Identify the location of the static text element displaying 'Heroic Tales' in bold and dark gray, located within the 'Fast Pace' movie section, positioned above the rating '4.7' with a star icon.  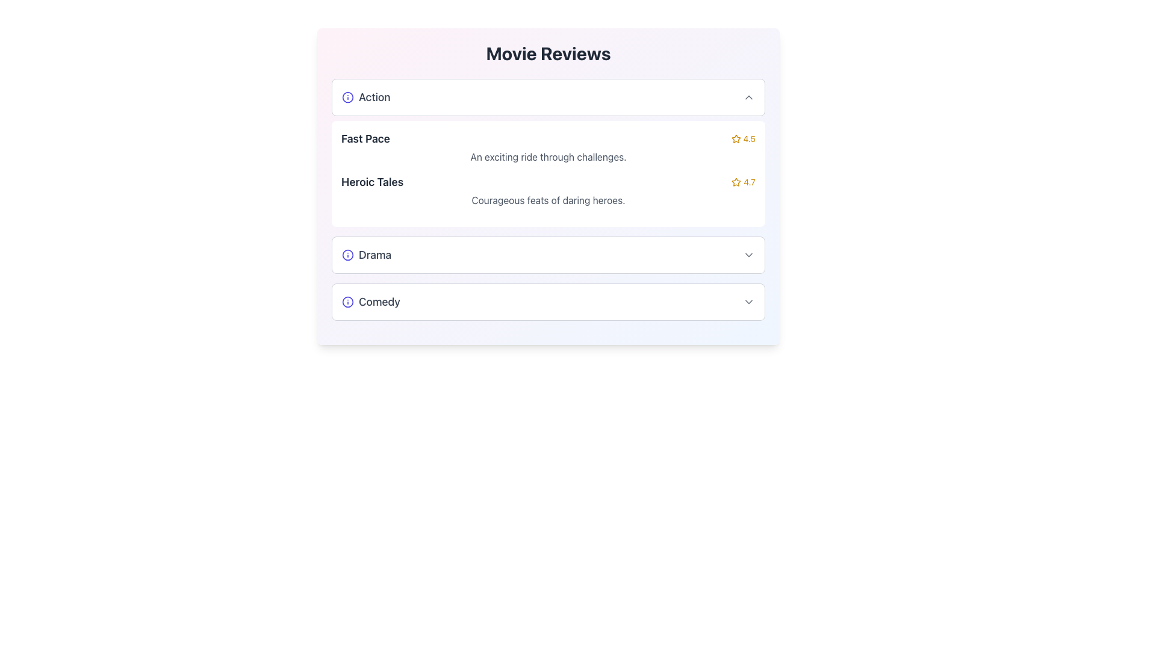
(371, 182).